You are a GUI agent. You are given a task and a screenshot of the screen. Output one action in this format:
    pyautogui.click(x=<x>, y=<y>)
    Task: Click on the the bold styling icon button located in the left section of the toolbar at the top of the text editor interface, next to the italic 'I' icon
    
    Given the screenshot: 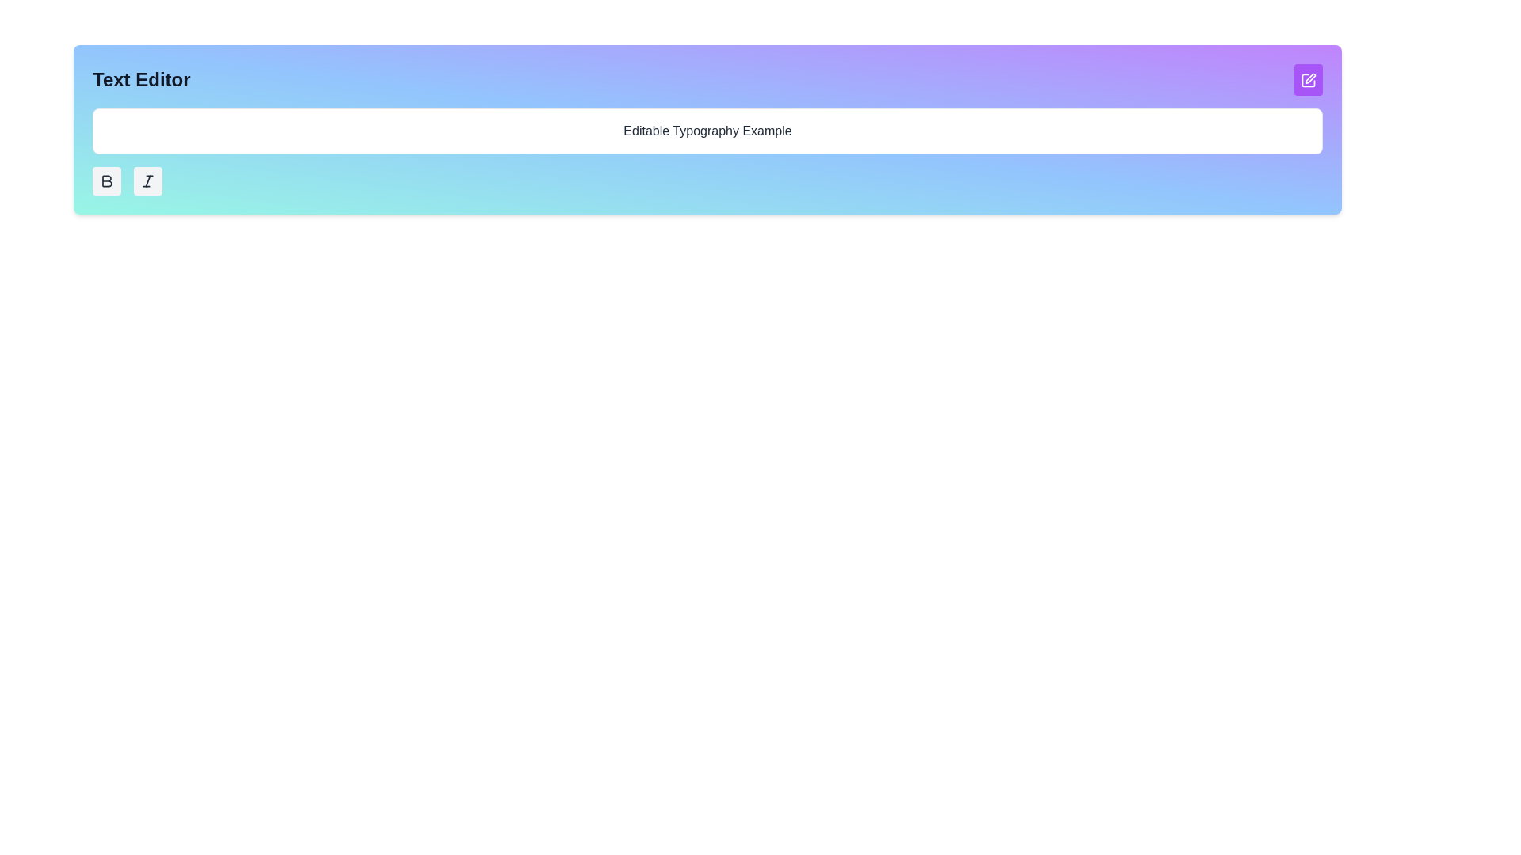 What is the action you would take?
    pyautogui.click(x=105, y=180)
    